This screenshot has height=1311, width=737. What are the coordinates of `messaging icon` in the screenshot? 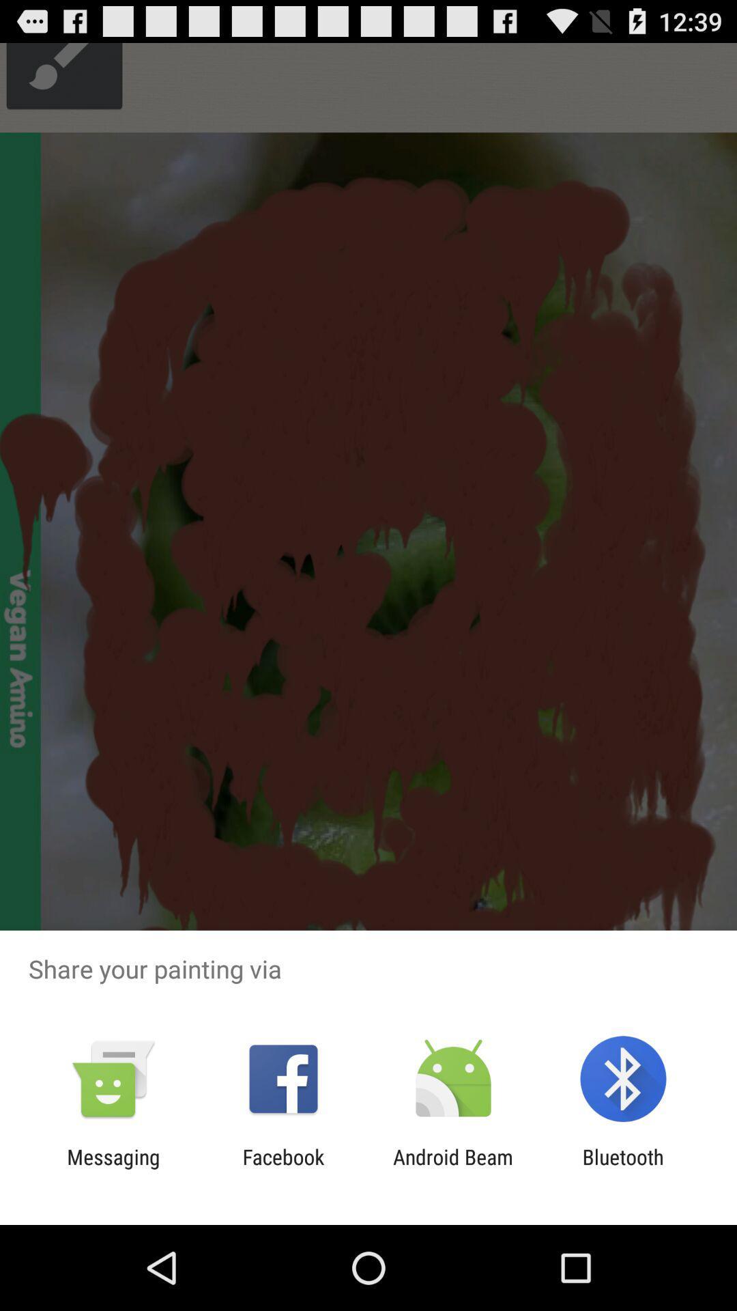 It's located at (113, 1168).